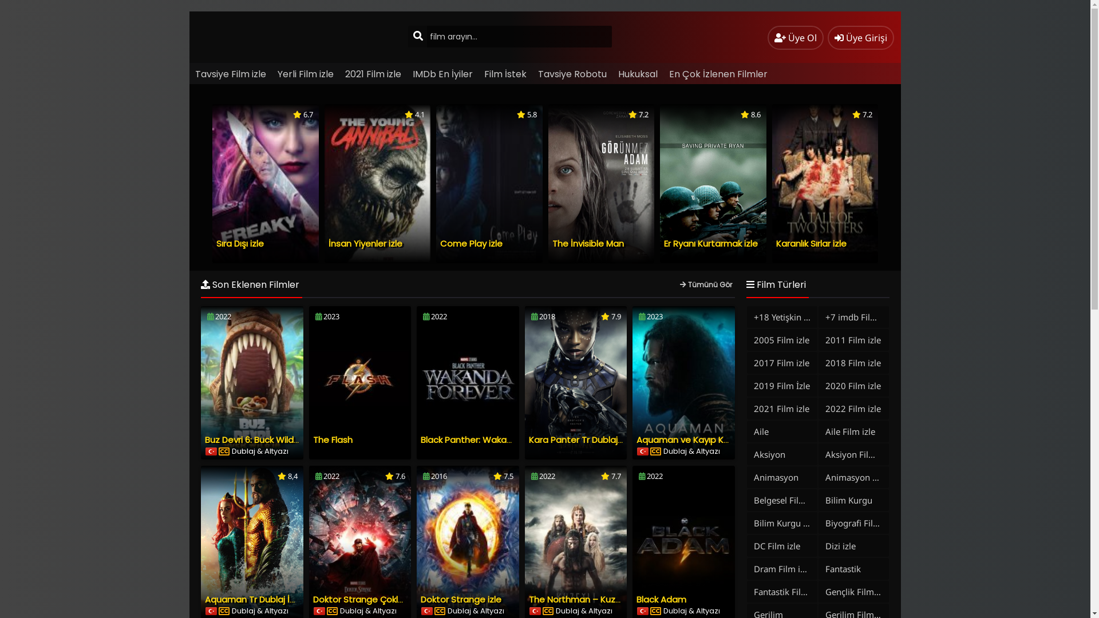 This screenshot has width=1099, height=618. What do you see at coordinates (747, 569) in the screenshot?
I see `'Dram Film izle'` at bounding box center [747, 569].